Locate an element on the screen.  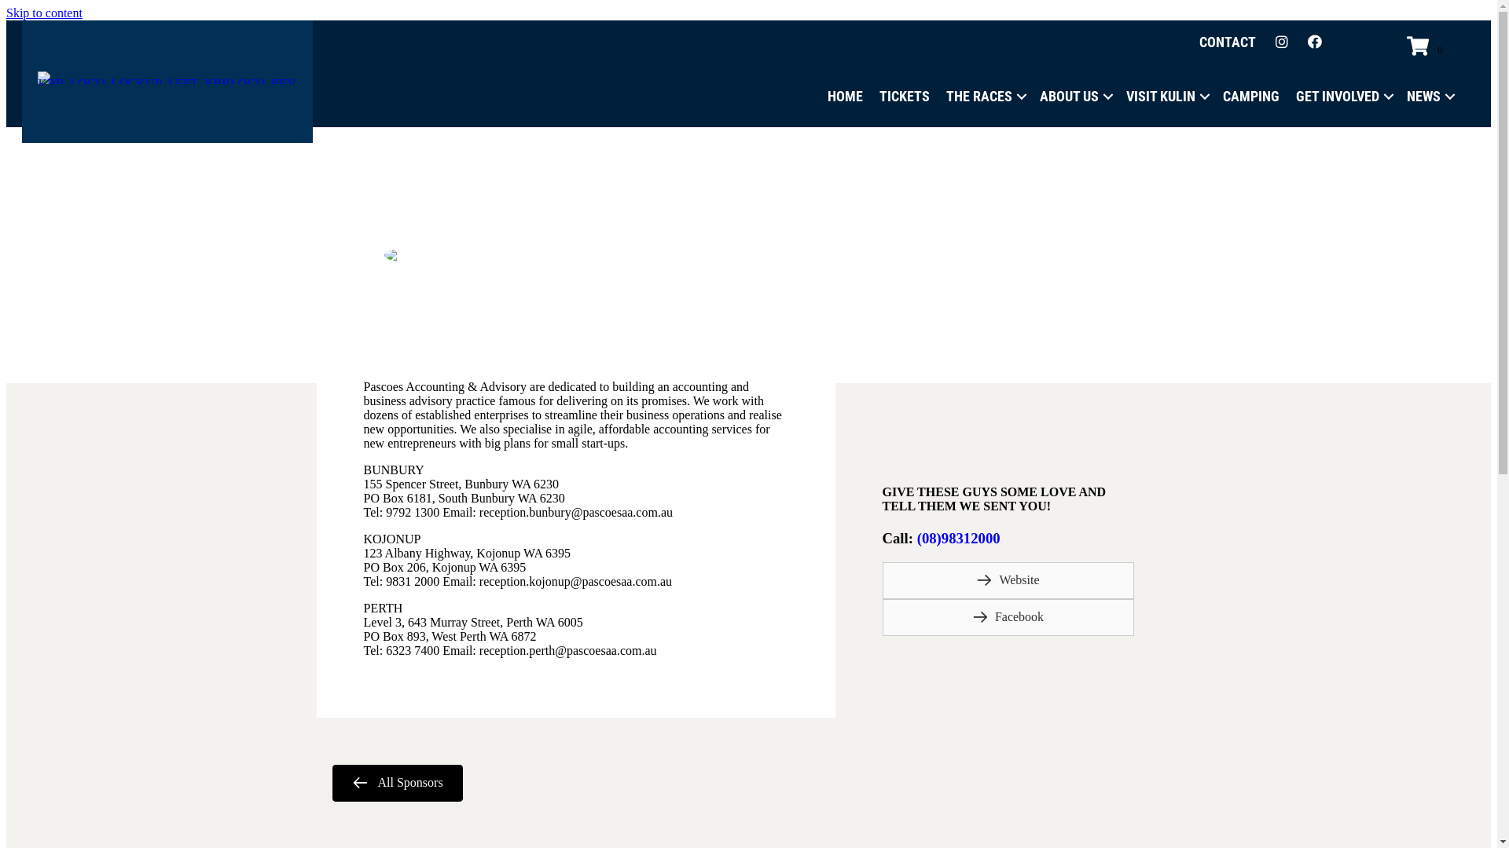
'VISIT KULIN' is located at coordinates (1166, 97).